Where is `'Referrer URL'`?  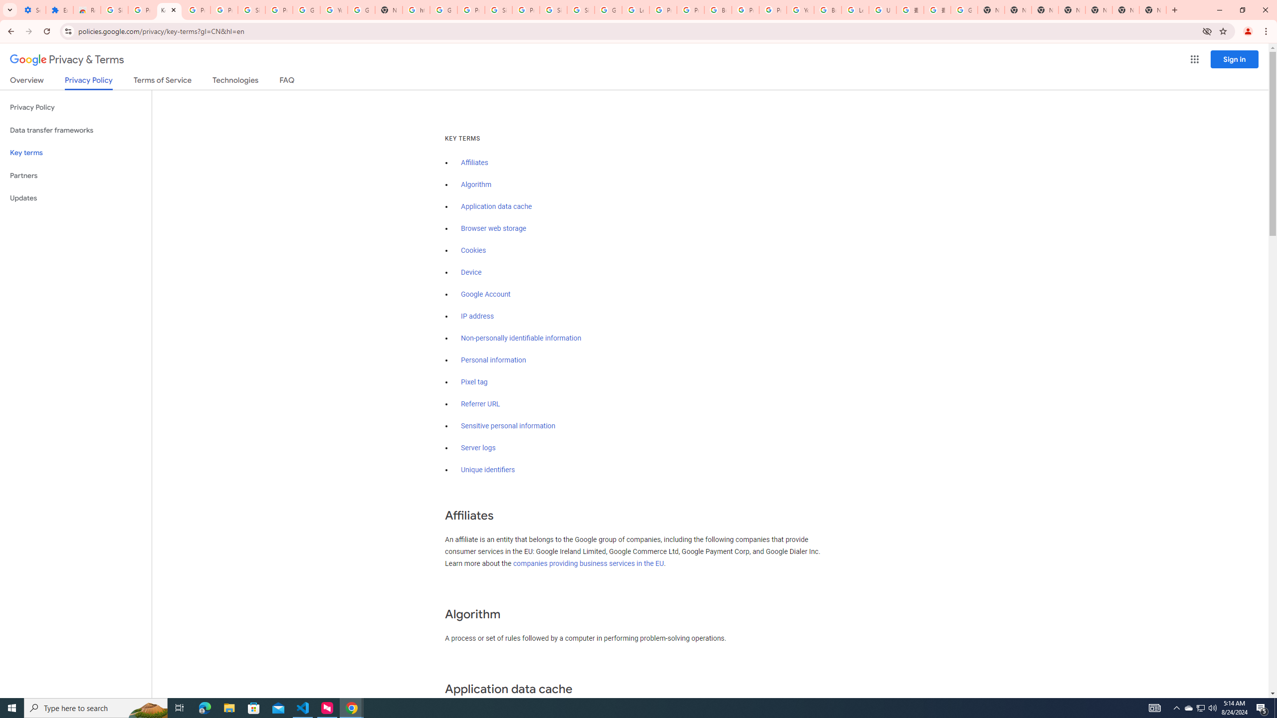 'Referrer URL' is located at coordinates (480, 403).